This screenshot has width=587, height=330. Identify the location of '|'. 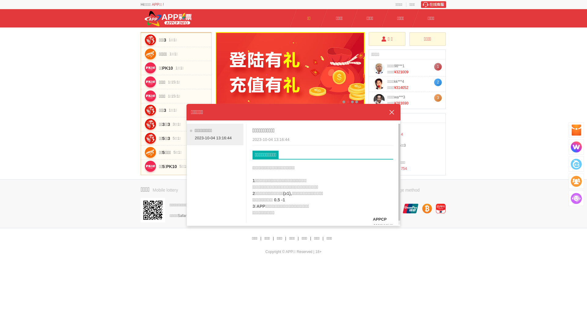
(272, 238).